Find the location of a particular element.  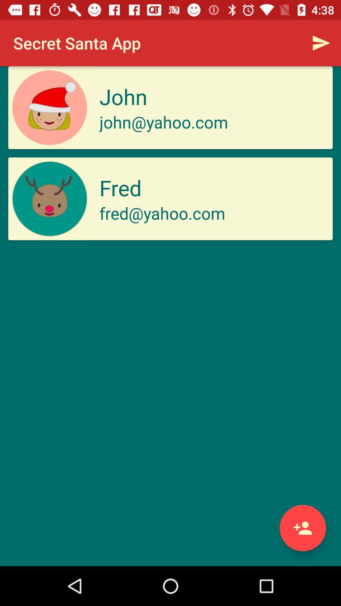

members is located at coordinates (302, 528).